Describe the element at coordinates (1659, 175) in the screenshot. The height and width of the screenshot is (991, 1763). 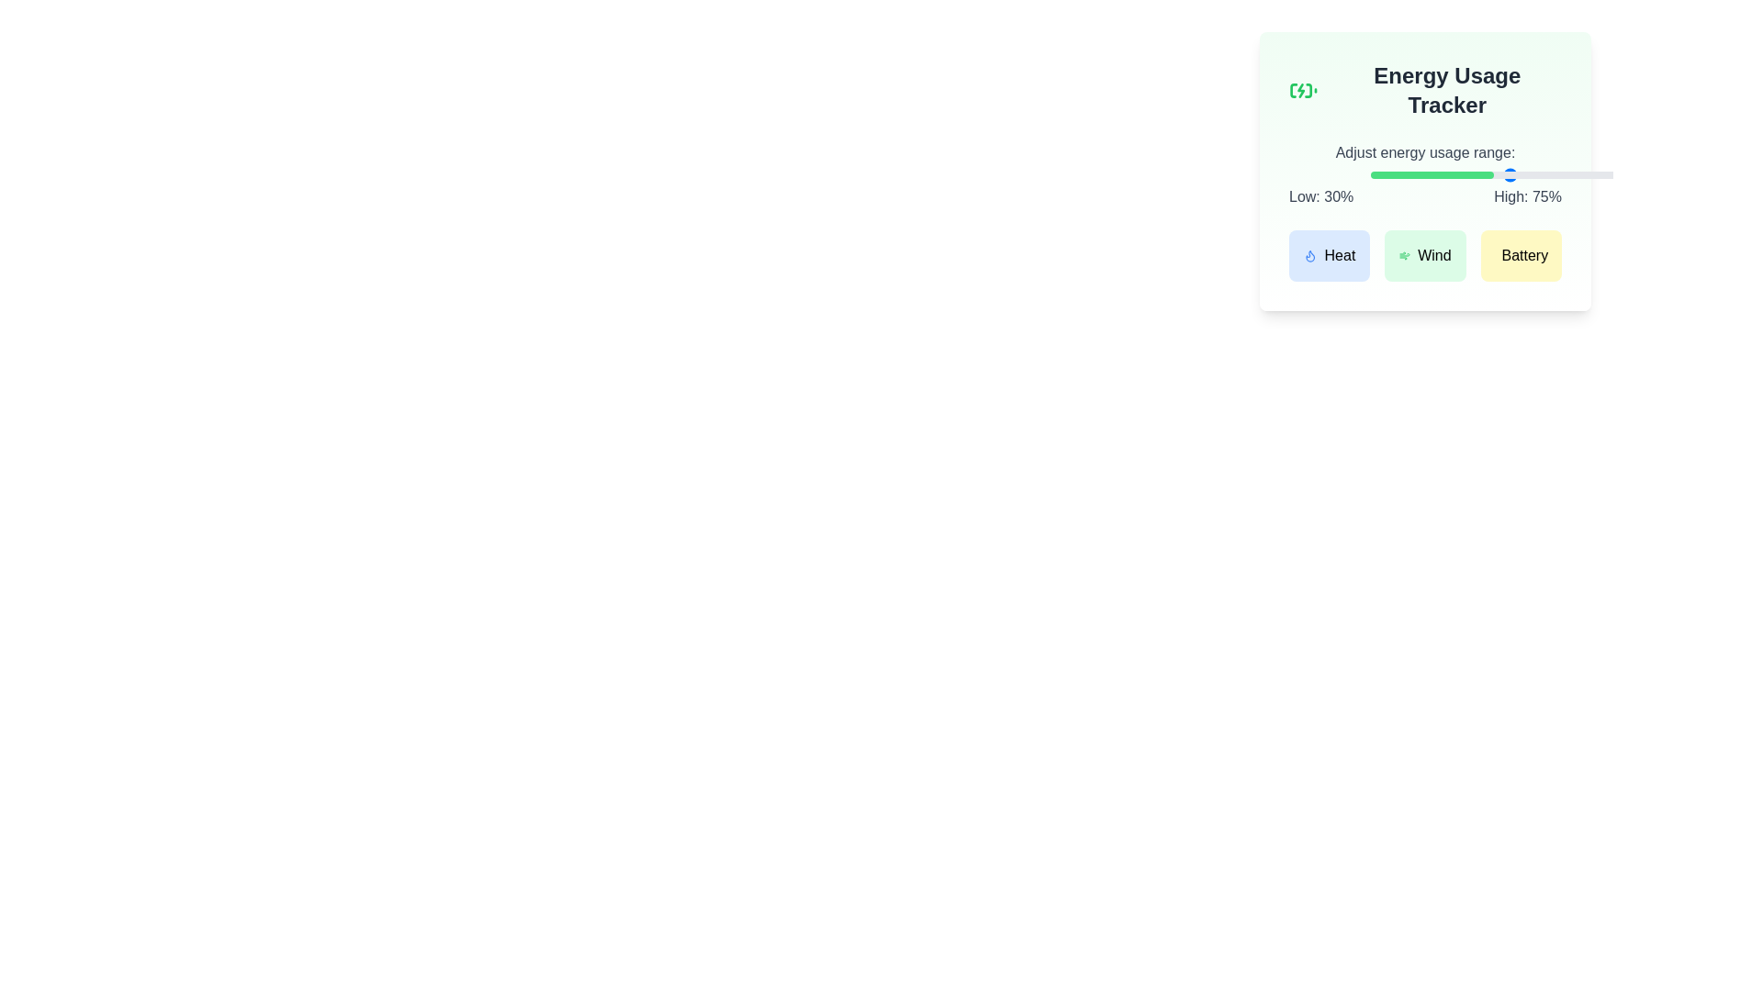
I see `the energy usage range` at that location.